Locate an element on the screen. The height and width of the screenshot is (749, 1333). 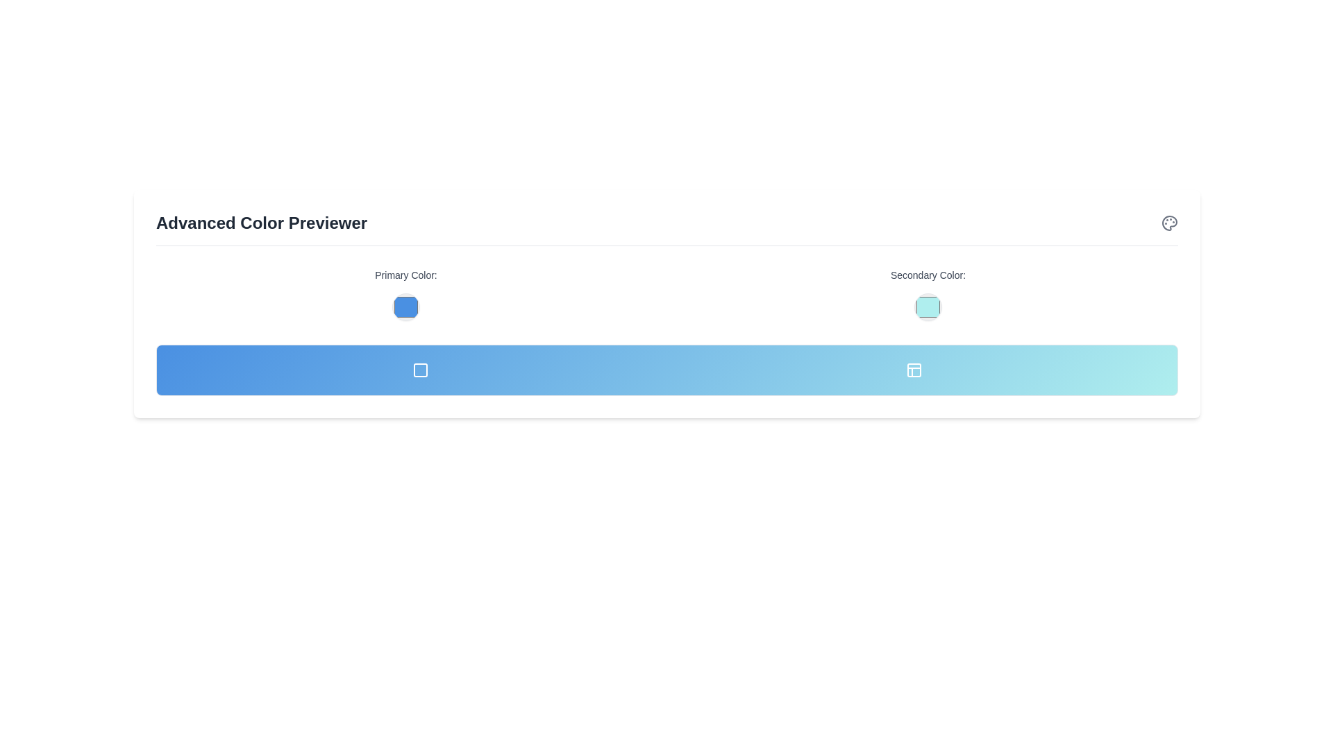
the Color Picker element located in the 'Primary Color' section is located at coordinates (405, 294).